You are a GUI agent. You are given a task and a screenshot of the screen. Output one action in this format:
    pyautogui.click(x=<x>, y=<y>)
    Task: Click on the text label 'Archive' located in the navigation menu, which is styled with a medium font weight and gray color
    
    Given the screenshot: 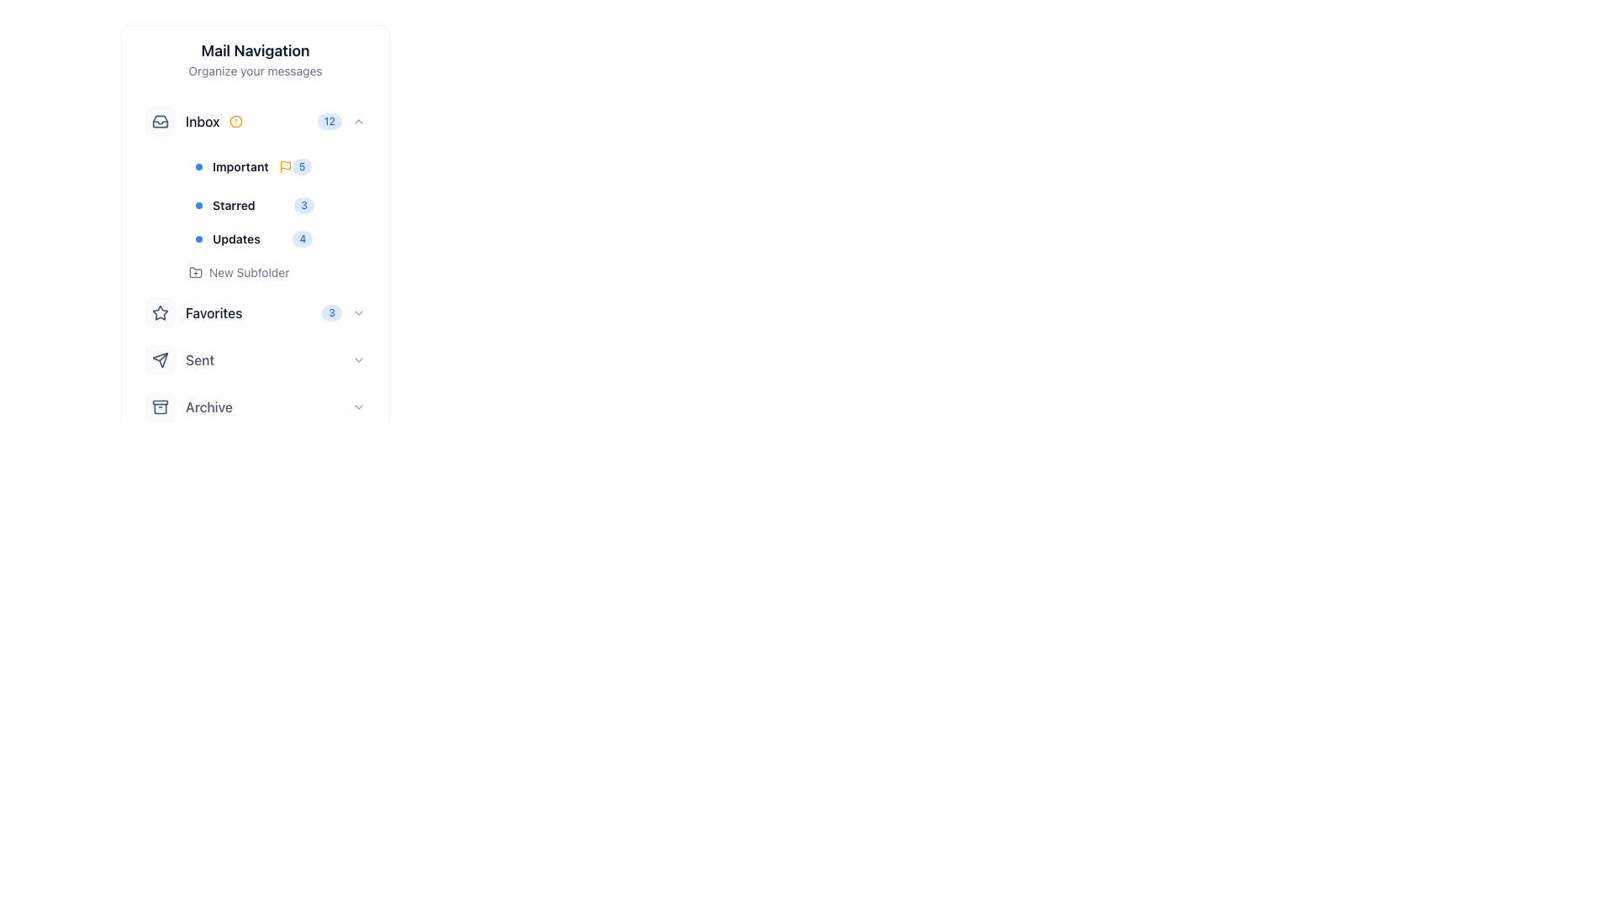 What is the action you would take?
    pyautogui.click(x=208, y=407)
    